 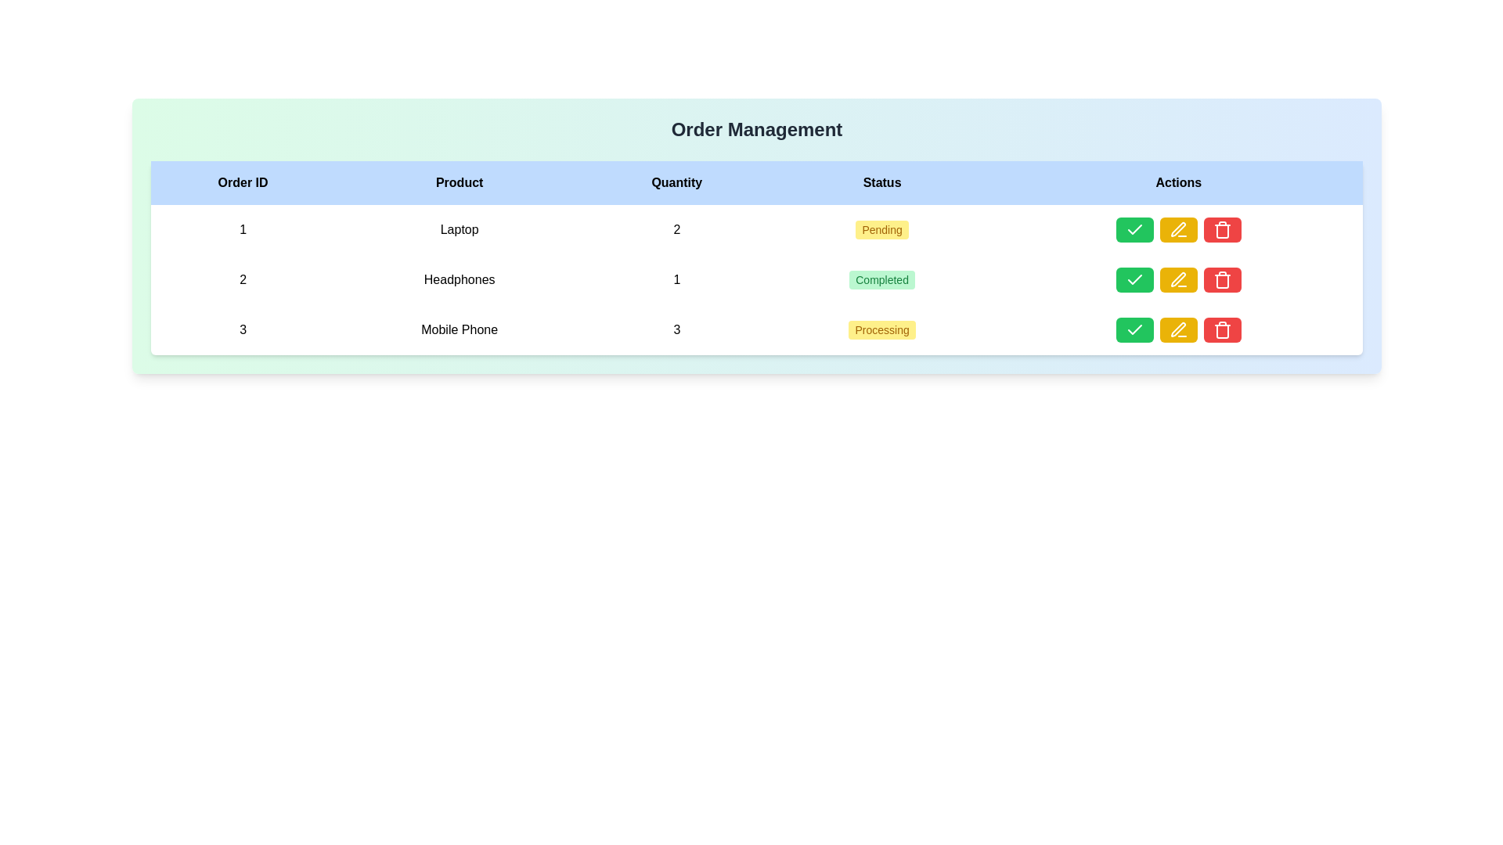 What do you see at coordinates (1178, 329) in the screenshot?
I see `the edit action SVG icon located in the 'Actions' column of the last row of the table` at bounding box center [1178, 329].